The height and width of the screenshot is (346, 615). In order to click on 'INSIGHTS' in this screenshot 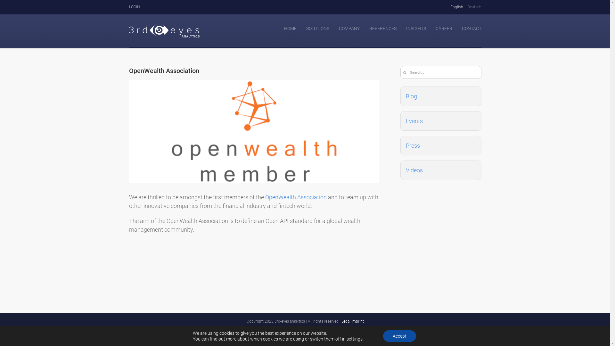, I will do `click(416, 28)`.